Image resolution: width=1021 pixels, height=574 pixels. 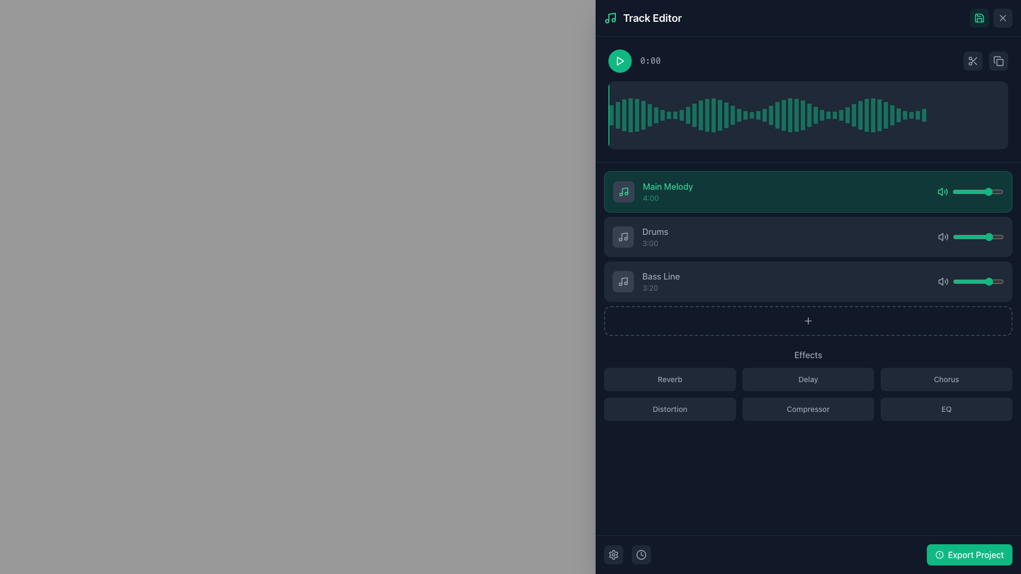 I want to click on the speaker icon with a wave pattern located in the green-highlighted track row, so click(x=940, y=192).